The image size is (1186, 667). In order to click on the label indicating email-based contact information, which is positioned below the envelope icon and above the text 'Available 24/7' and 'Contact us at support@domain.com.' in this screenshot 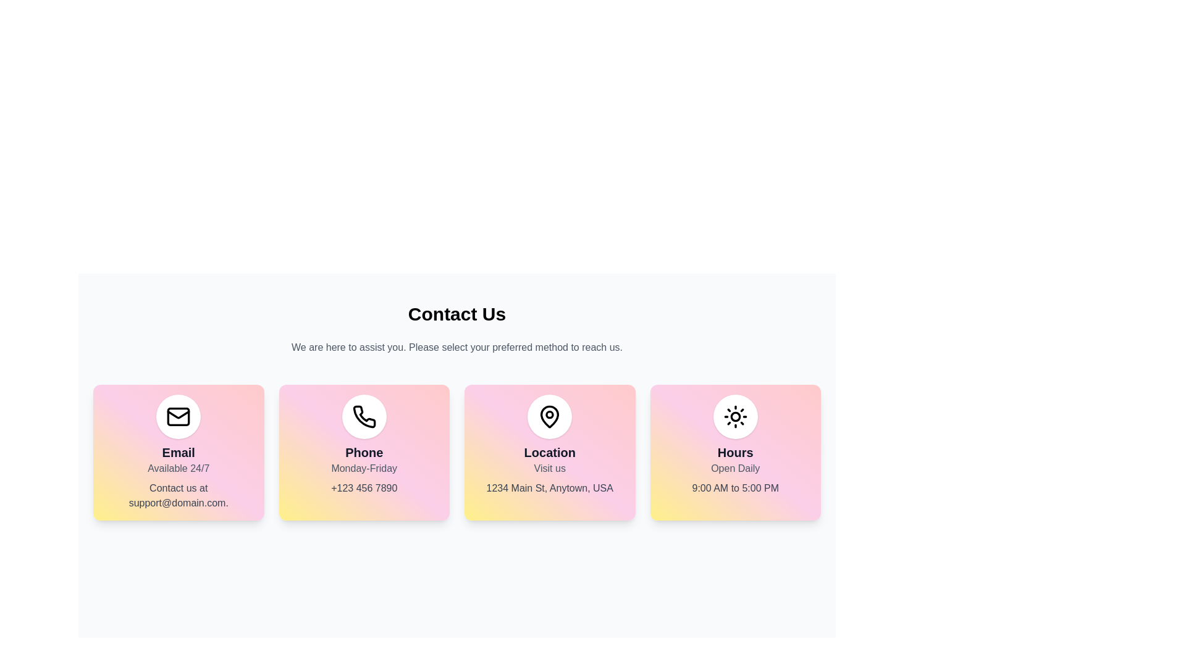, I will do `click(178, 452)`.